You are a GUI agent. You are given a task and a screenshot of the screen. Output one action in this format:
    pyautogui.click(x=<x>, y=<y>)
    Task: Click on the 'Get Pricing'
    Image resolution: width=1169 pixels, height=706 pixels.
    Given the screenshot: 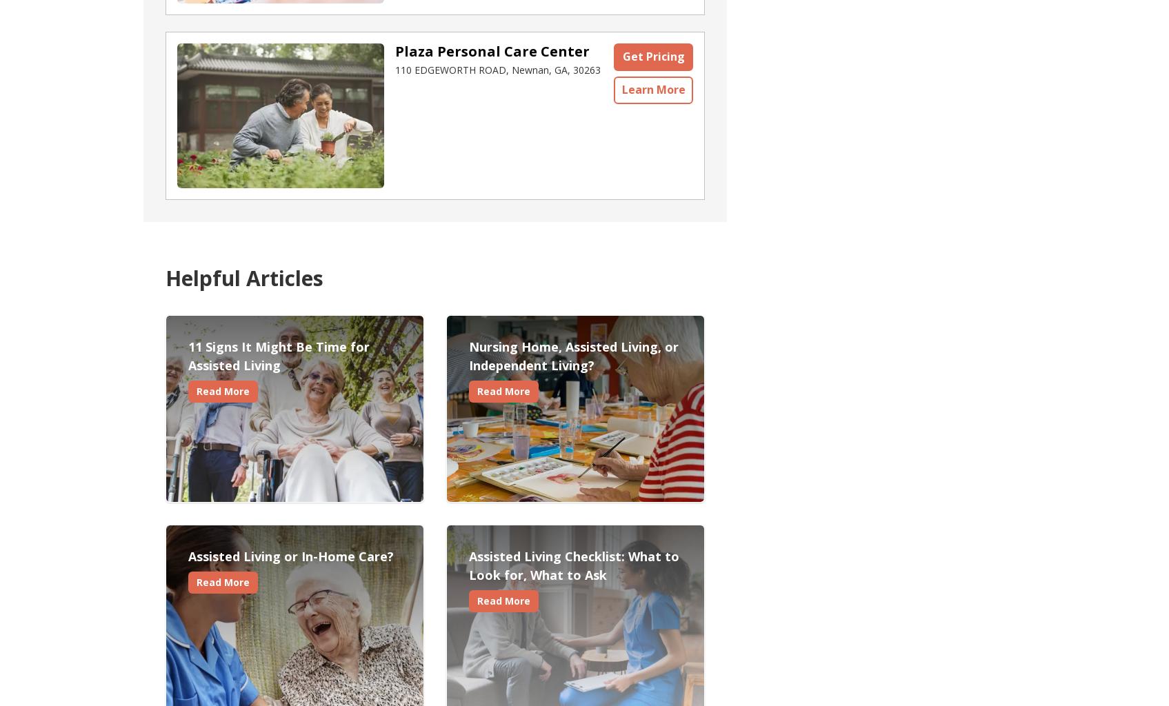 What is the action you would take?
    pyautogui.click(x=652, y=56)
    